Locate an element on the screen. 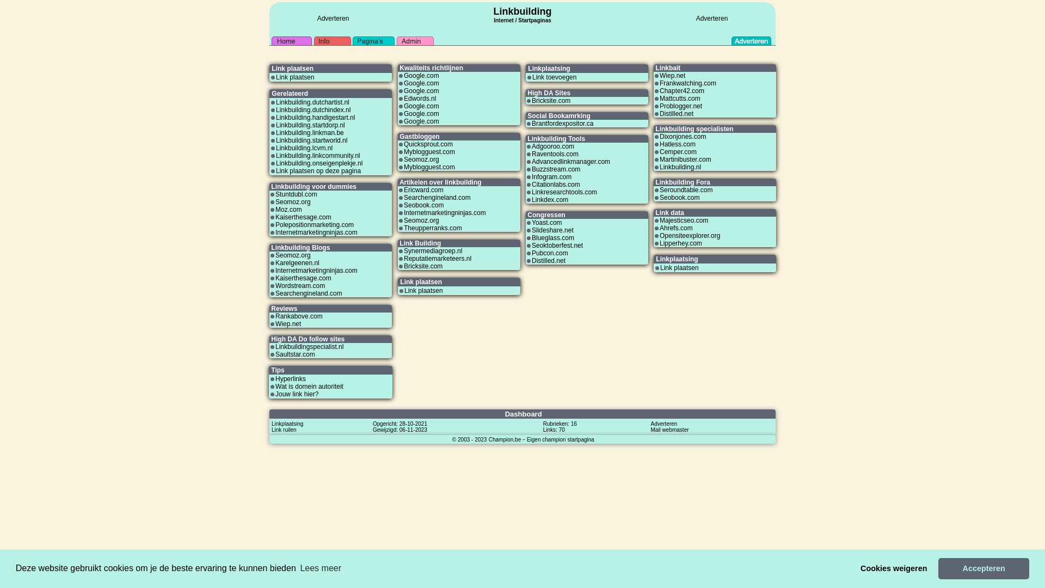 Image resolution: width=1045 pixels, height=588 pixels. 'Myblogguest.com' is located at coordinates (403, 167).